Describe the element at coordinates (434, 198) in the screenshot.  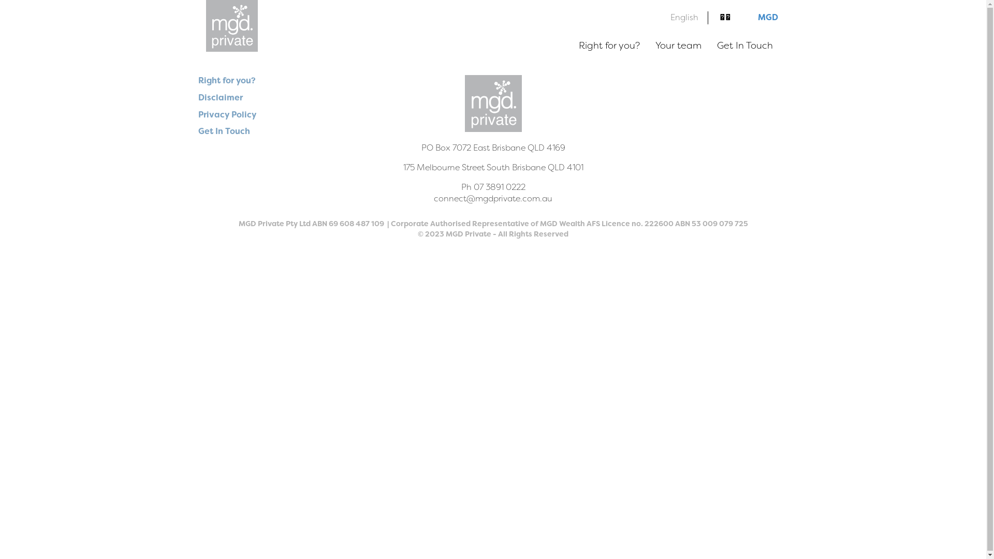
I see `'connect@mgdprivate.com.au'` at that location.